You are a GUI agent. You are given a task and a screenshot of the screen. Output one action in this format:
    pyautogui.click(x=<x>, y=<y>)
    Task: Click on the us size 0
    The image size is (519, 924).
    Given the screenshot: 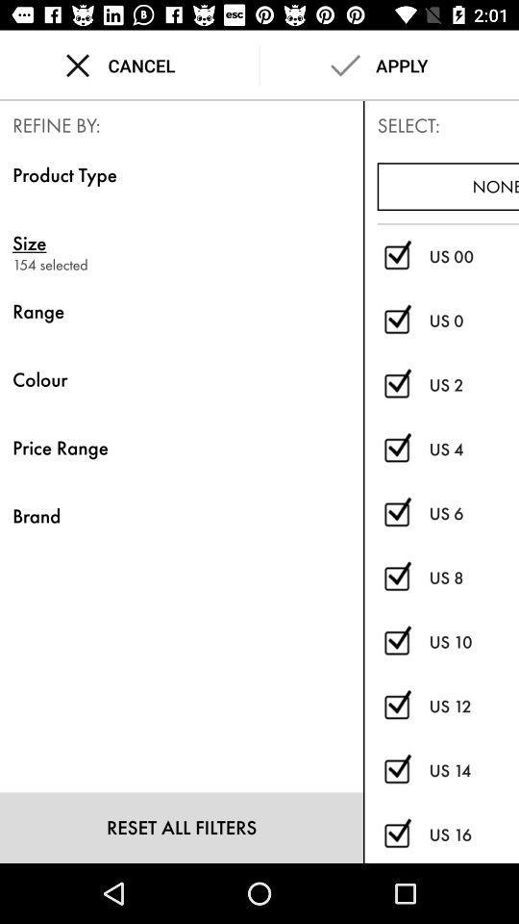 What is the action you would take?
    pyautogui.click(x=396, y=321)
    